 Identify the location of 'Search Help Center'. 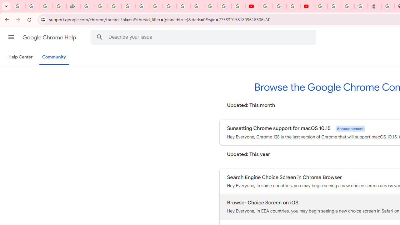
(99, 37).